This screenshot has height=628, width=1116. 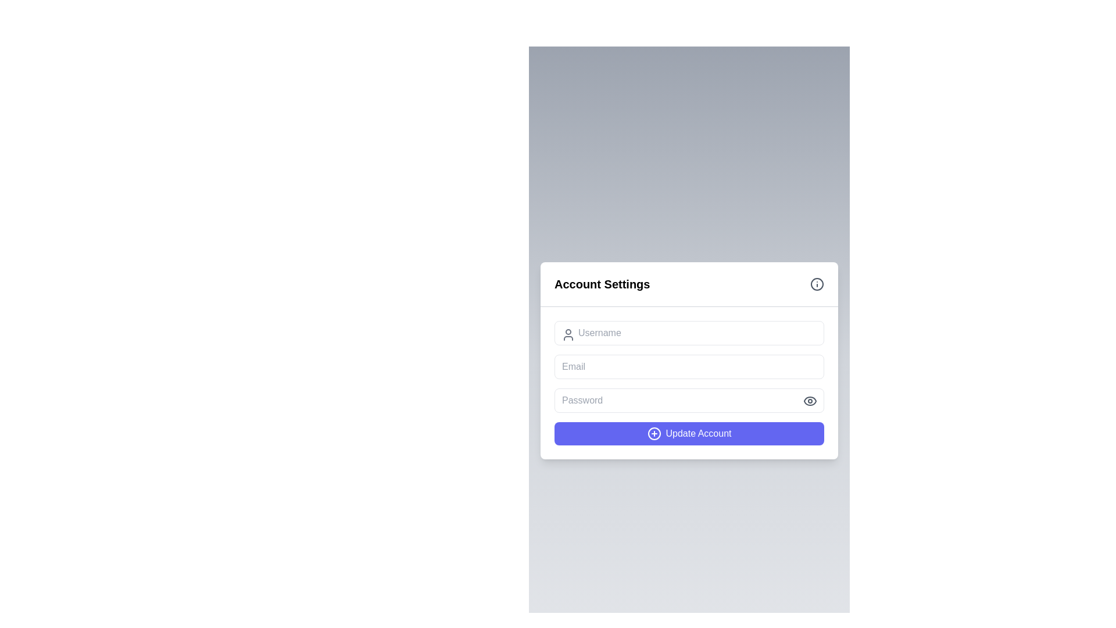 What do you see at coordinates (654, 433) in the screenshot?
I see `the icon to the left of the text inside the 'Update Account' button, which represents actions related` at bounding box center [654, 433].